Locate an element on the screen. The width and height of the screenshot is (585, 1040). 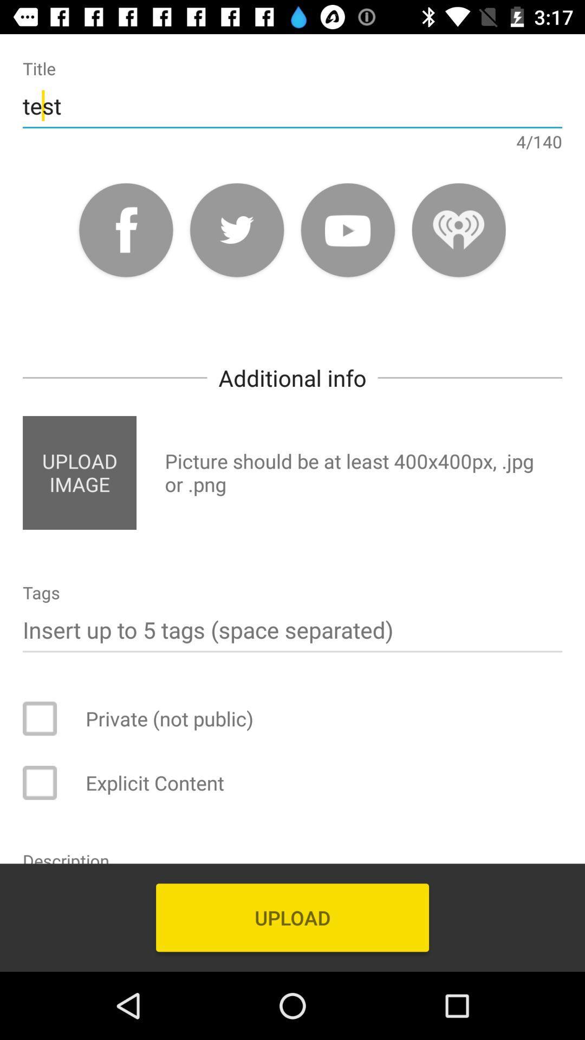
icon below the title is located at coordinates (292, 106).